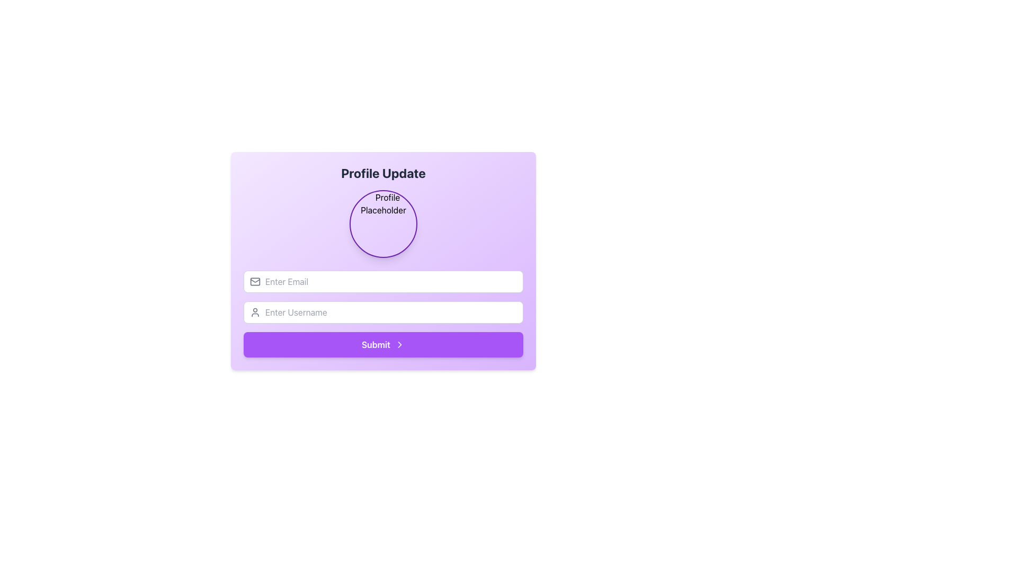  Describe the element at coordinates (383, 173) in the screenshot. I see `the large, bold text block that reads 'Profile Update', which is prominently displayed at the top of a rounded card interface` at that location.